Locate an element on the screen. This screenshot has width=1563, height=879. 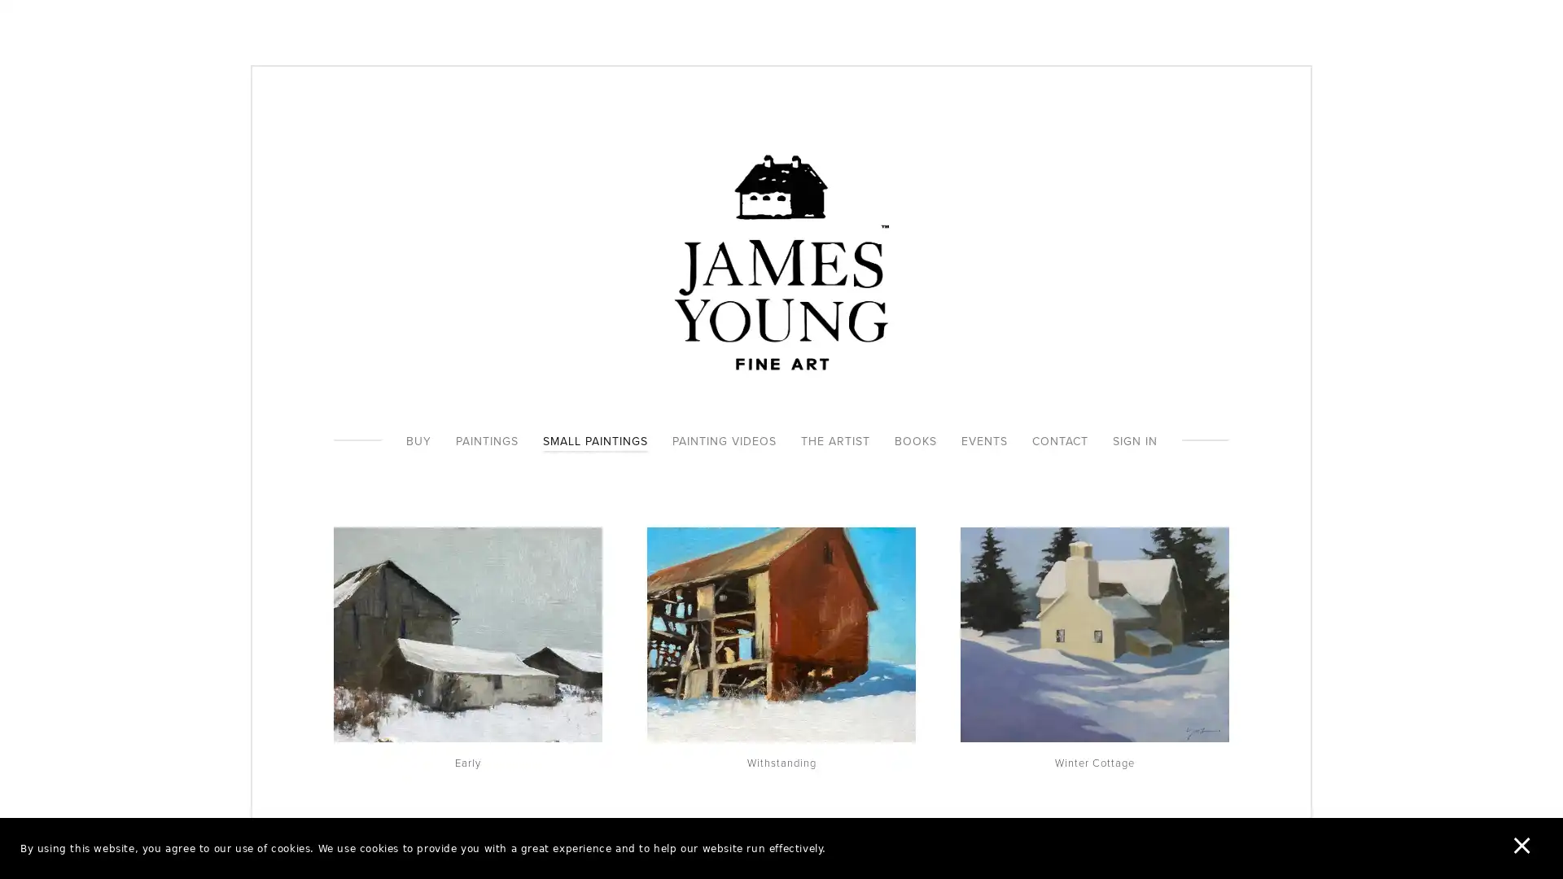
Close is located at coordinates (1018, 287).